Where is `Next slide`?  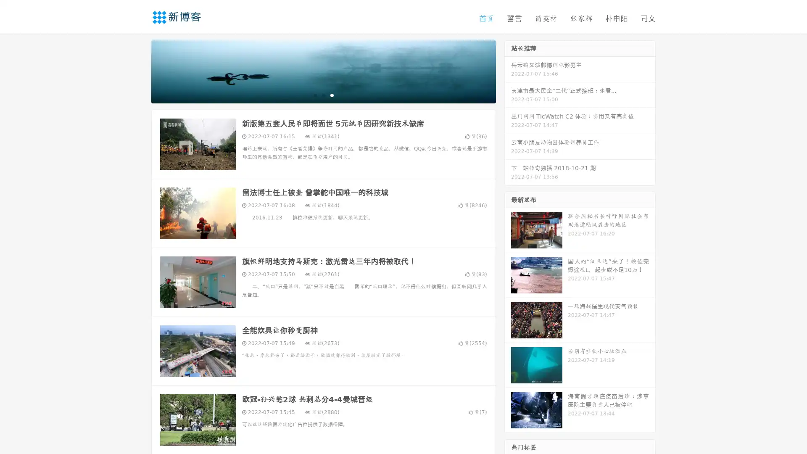
Next slide is located at coordinates (508, 71).